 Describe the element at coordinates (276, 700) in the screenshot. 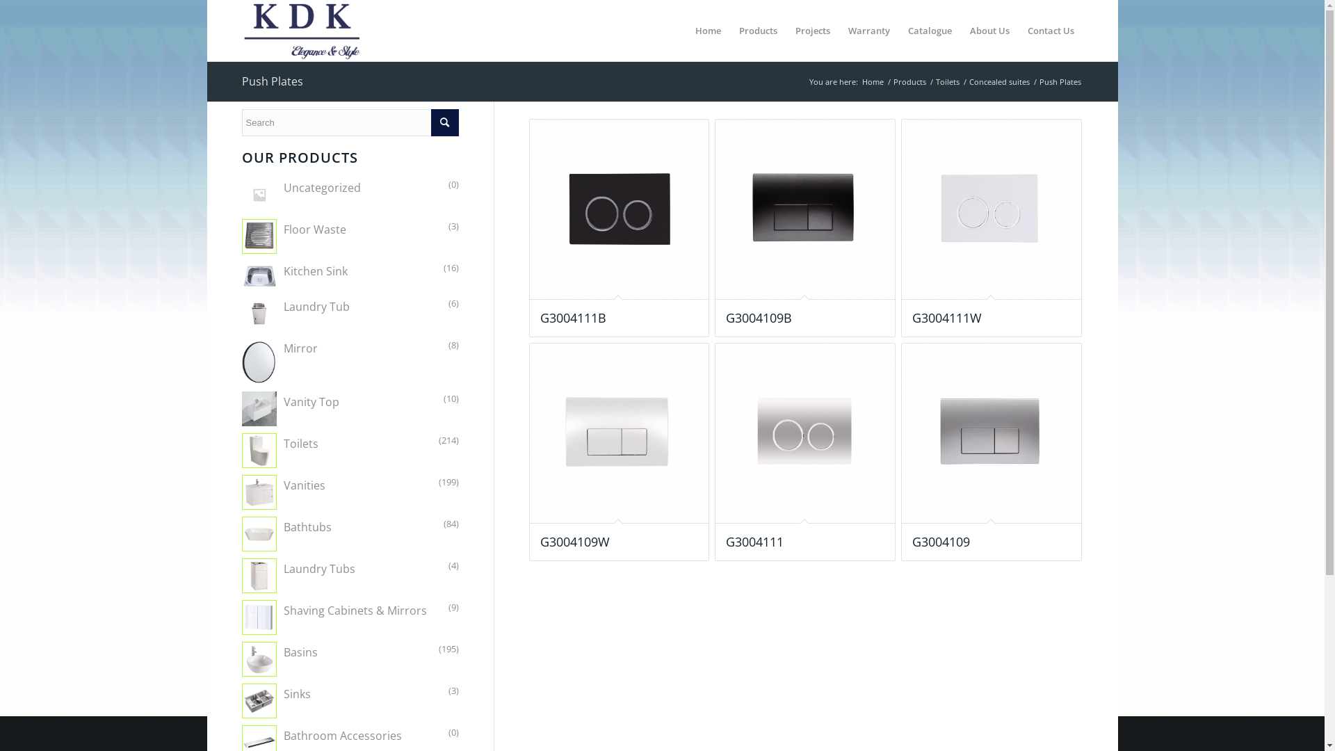

I see `'Sinks'` at that location.